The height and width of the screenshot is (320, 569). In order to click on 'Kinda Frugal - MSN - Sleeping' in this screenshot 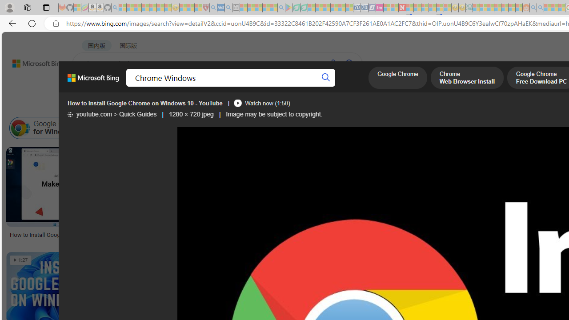, I will do `click(505, 8)`.